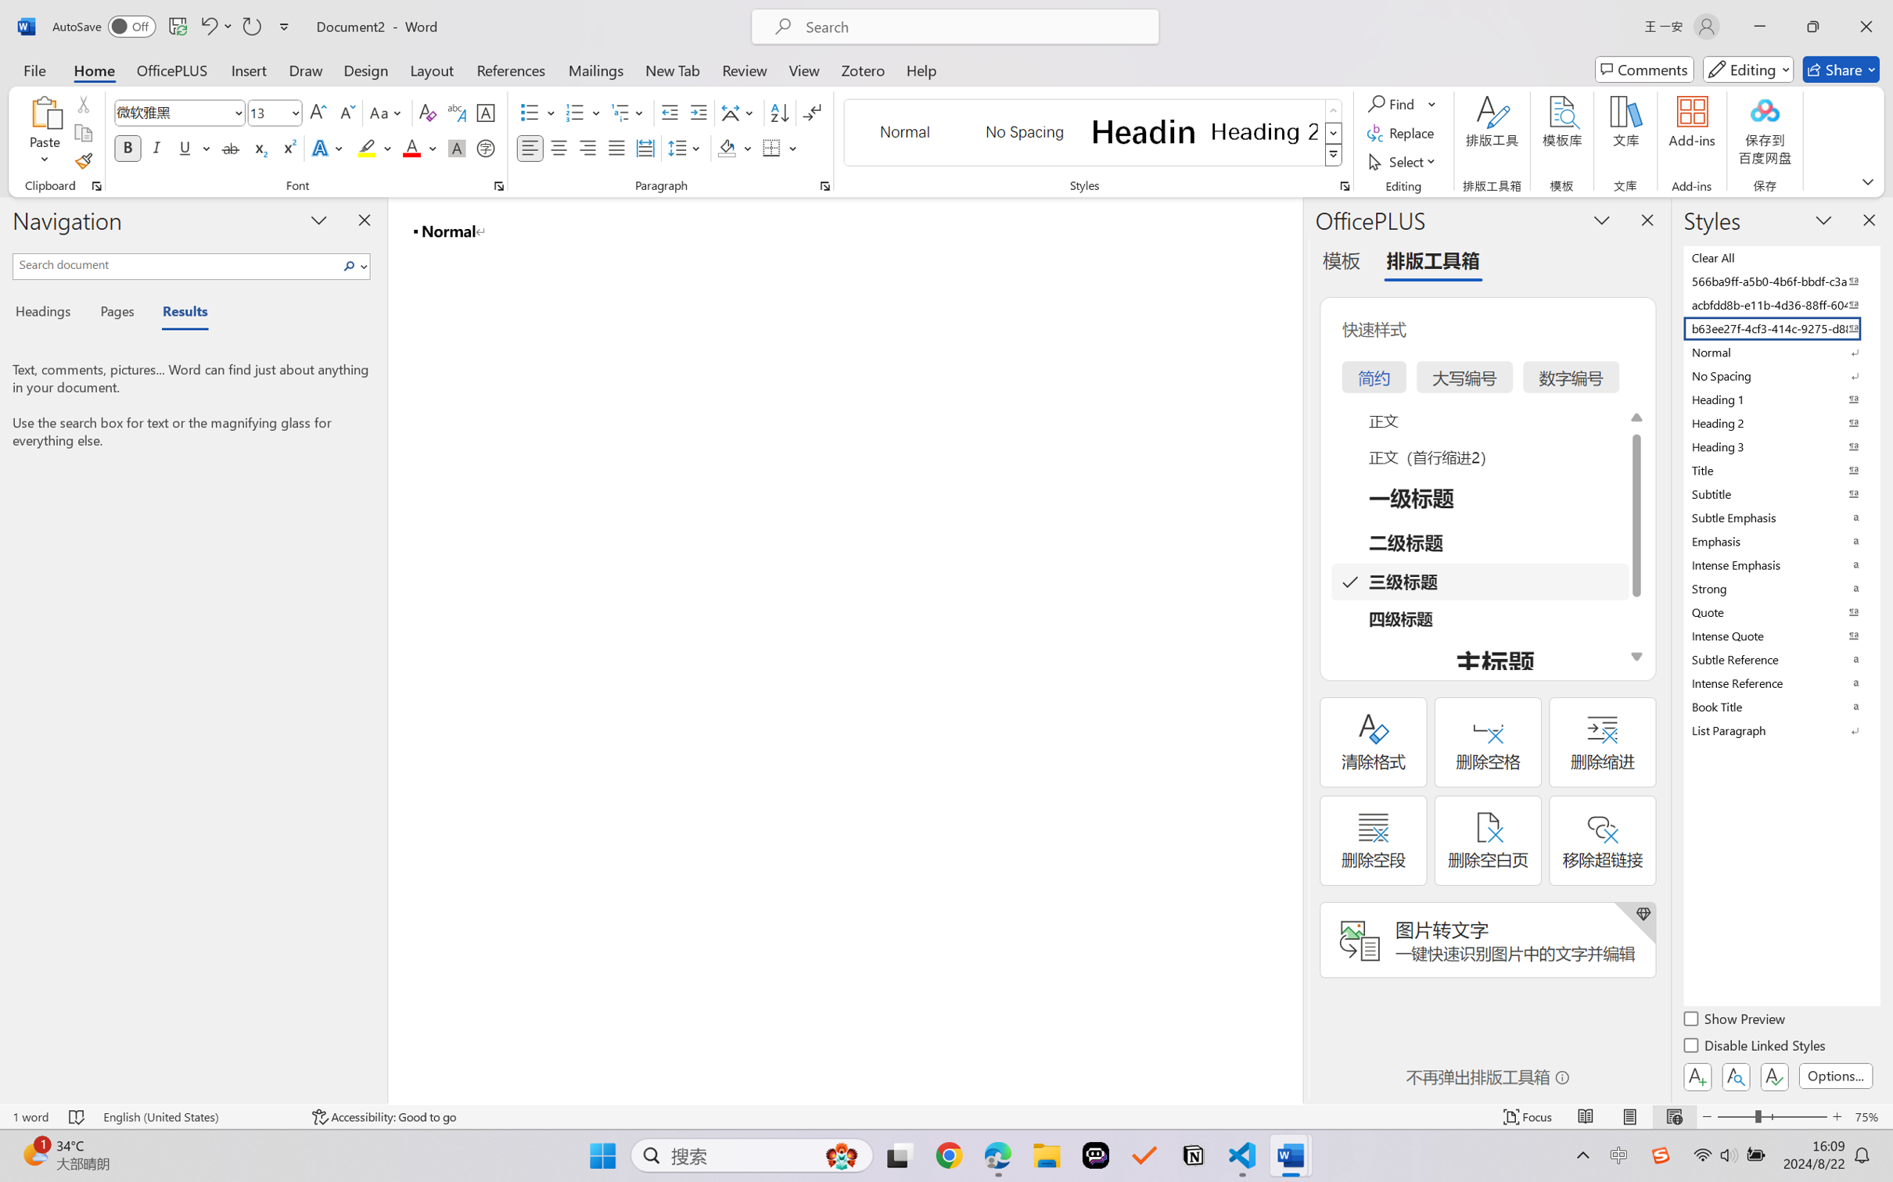  I want to click on 'Copy', so click(82, 133).